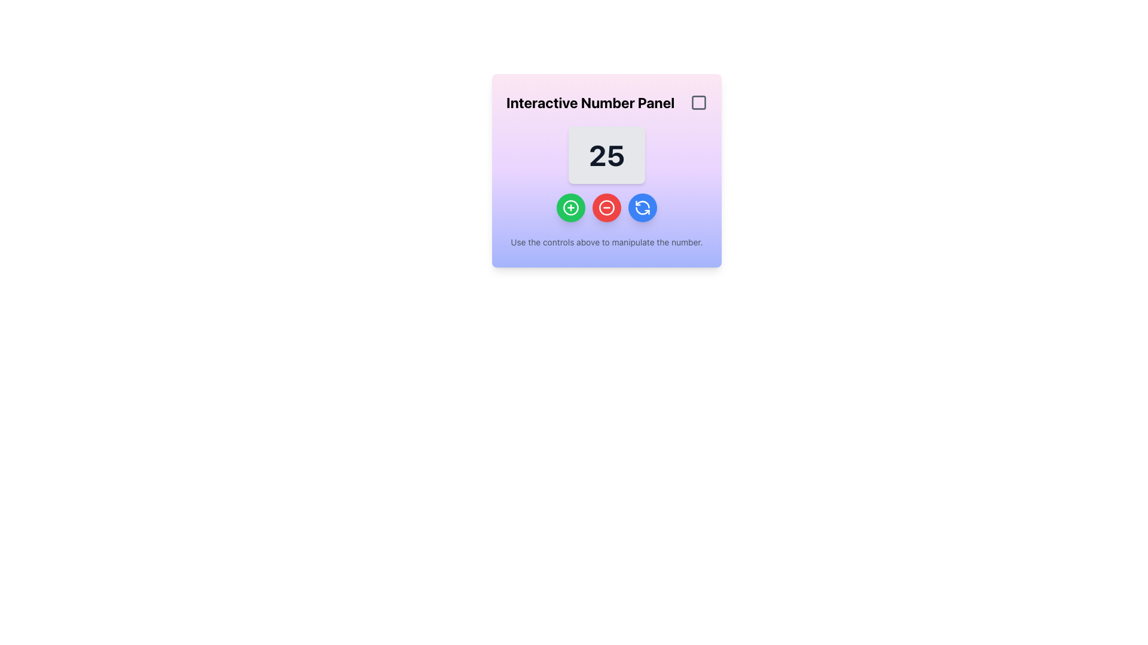 The image size is (1148, 645). Describe the element at coordinates (606, 207) in the screenshot. I see `the decrement button` at that location.